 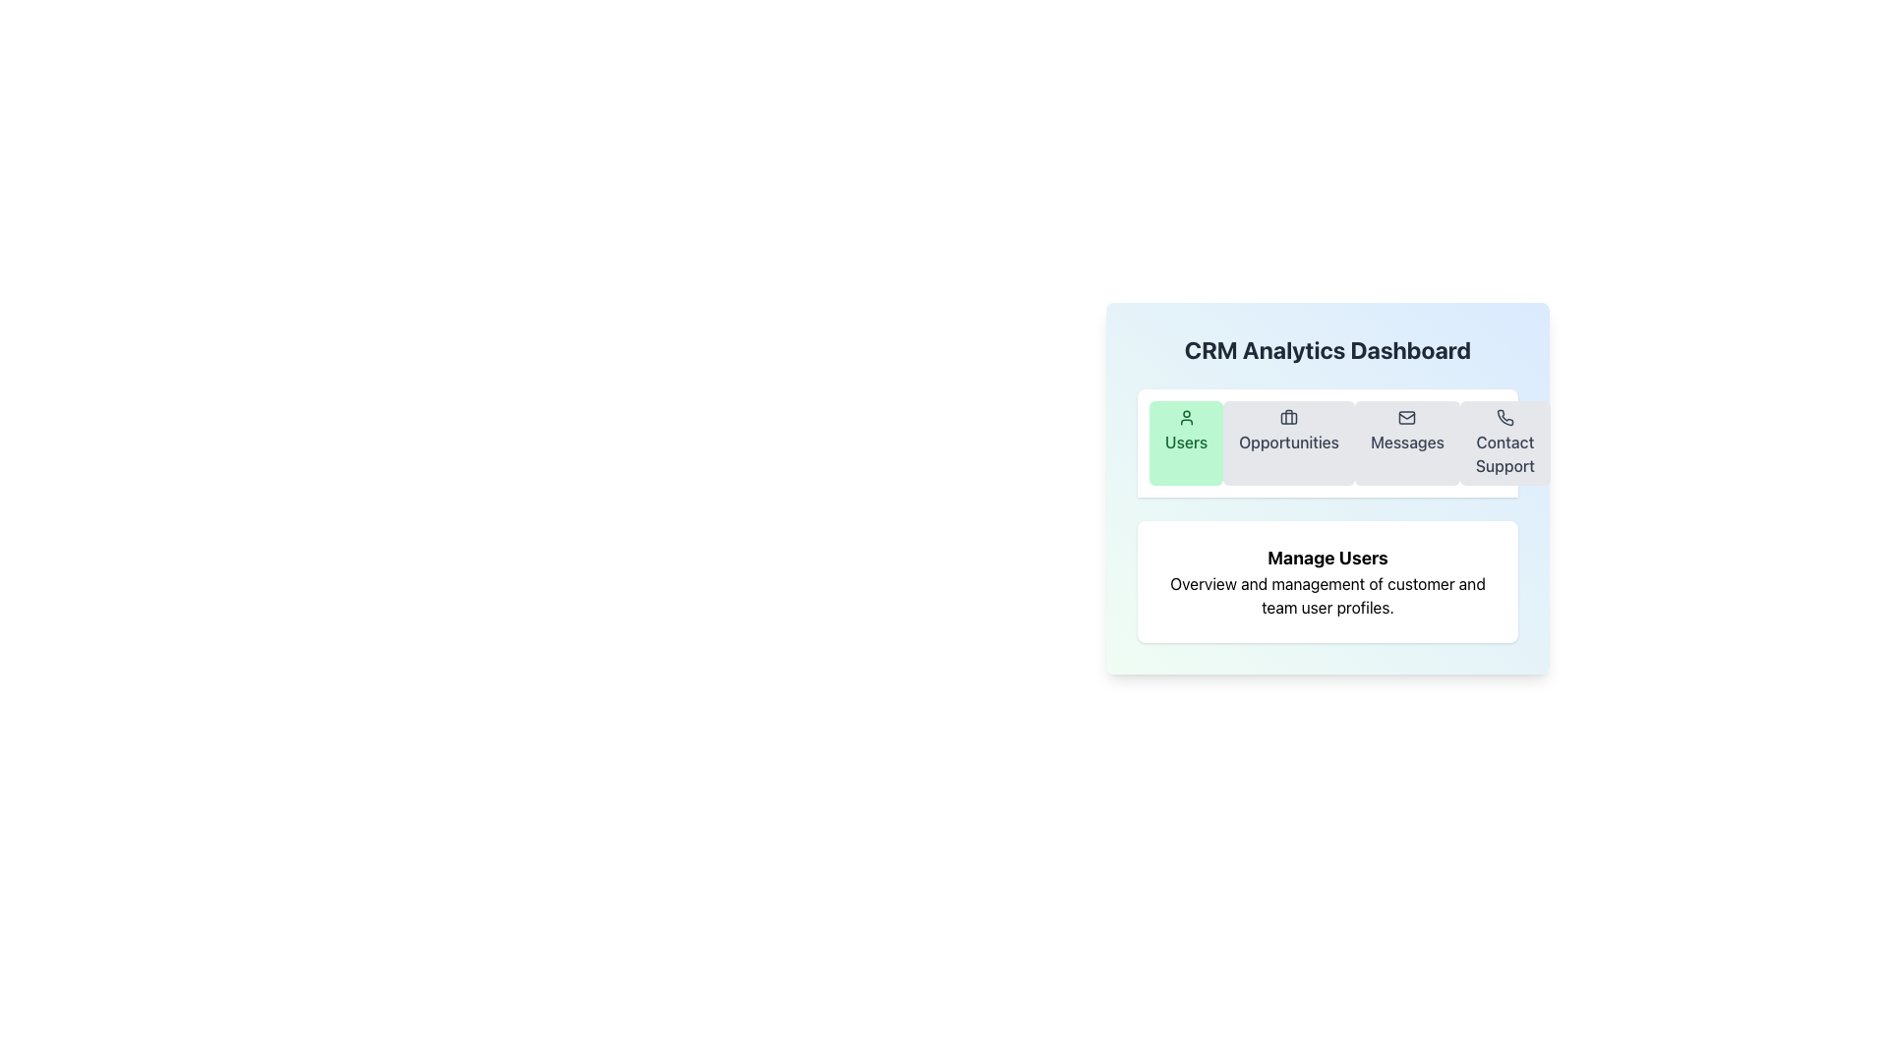 What do you see at coordinates (1327, 580) in the screenshot?
I see `the informative text block titled 'Manage Users', which includes the description 'Overview and management of customer and team user profiles.'` at bounding box center [1327, 580].